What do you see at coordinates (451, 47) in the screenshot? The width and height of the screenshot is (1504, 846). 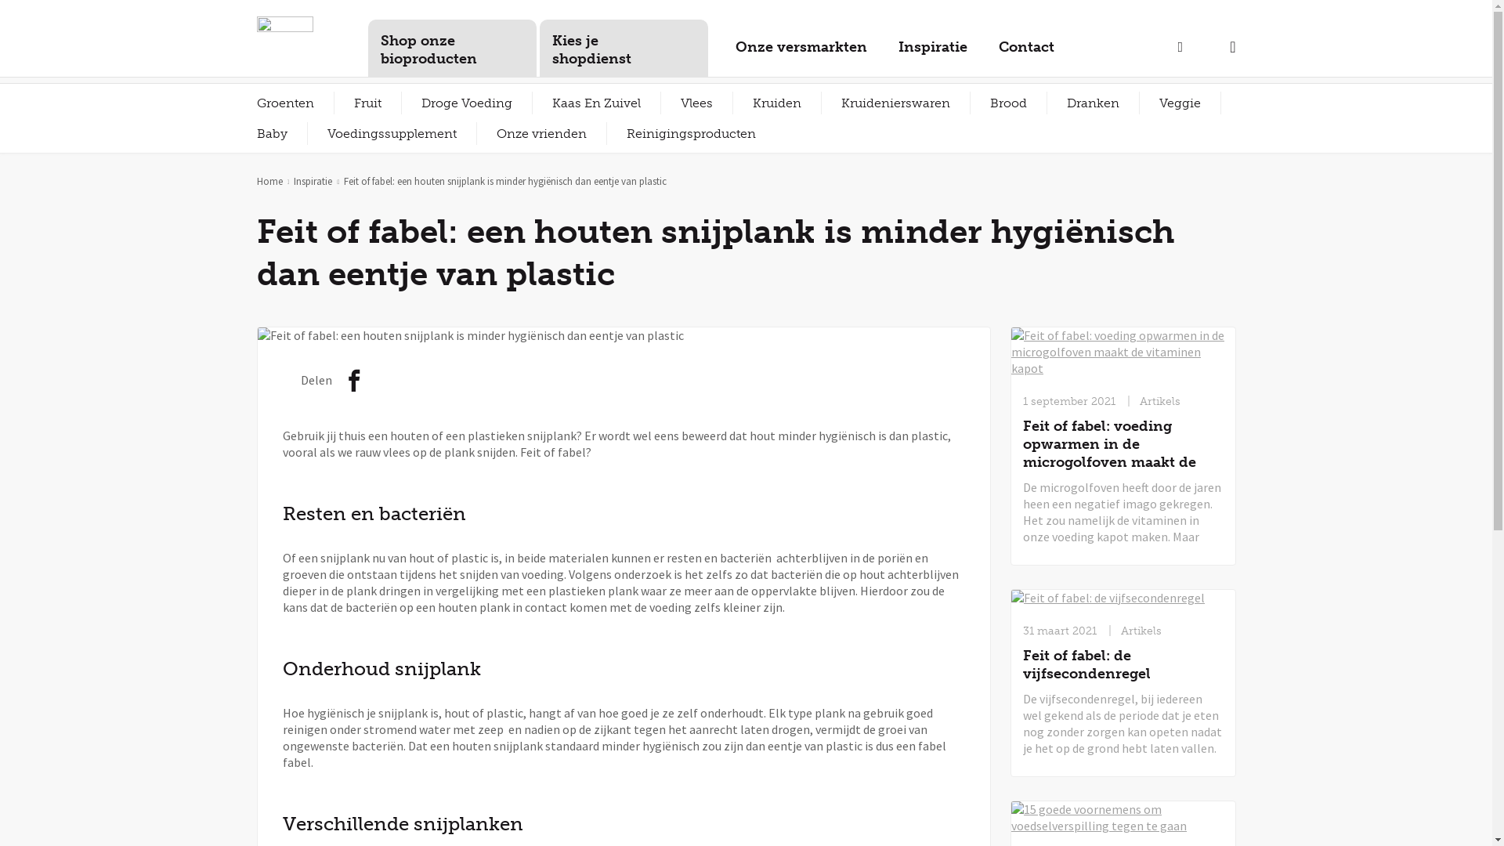 I see `'Shop onze bioproducten'` at bounding box center [451, 47].